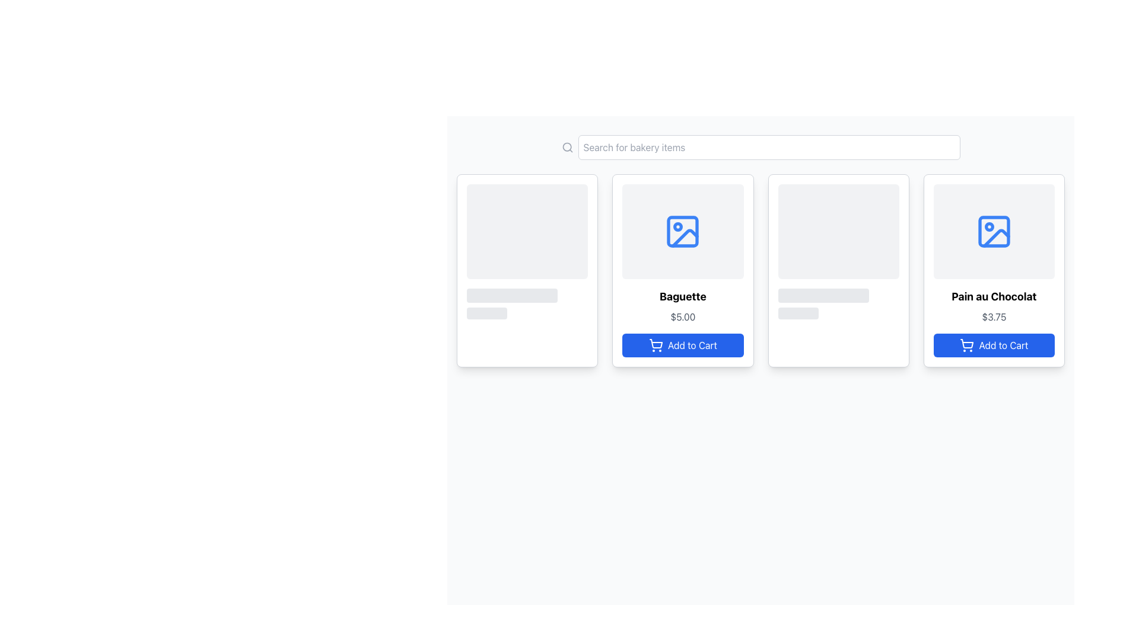  What do you see at coordinates (685, 238) in the screenshot?
I see `decorative graphic element (a diagonal line) within the SVG icon of the second product card labeled 'Baguette' for styling and dimensions` at bounding box center [685, 238].